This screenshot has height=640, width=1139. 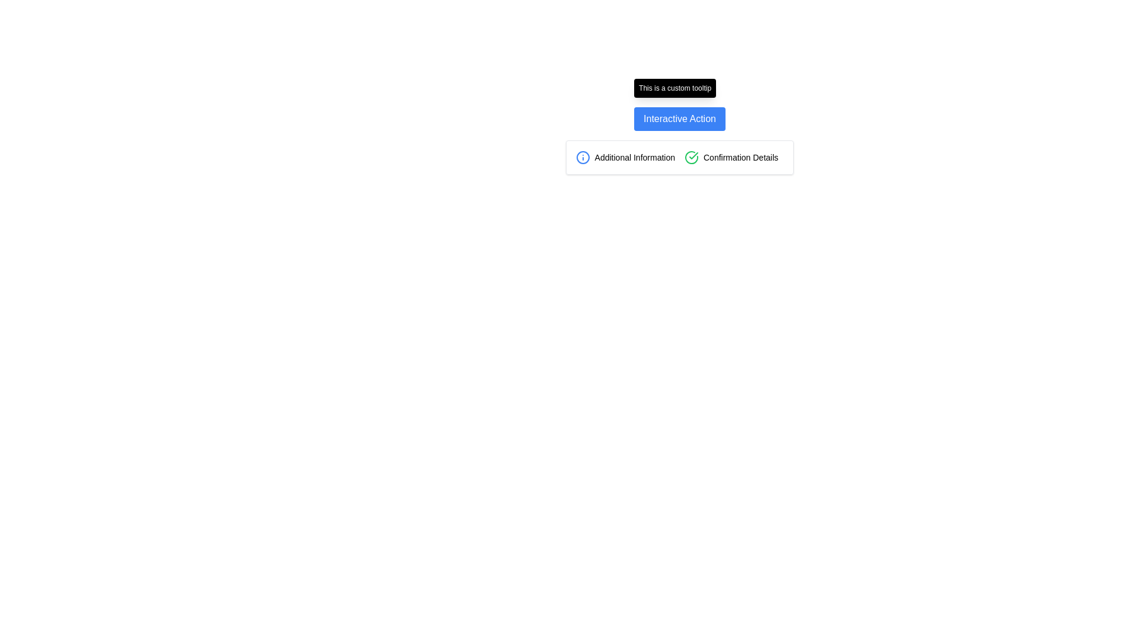 I want to click on the circular confirmation checkmark icon with a green outline and a white background, located before the 'Confirmation Details' text, so click(x=692, y=157).